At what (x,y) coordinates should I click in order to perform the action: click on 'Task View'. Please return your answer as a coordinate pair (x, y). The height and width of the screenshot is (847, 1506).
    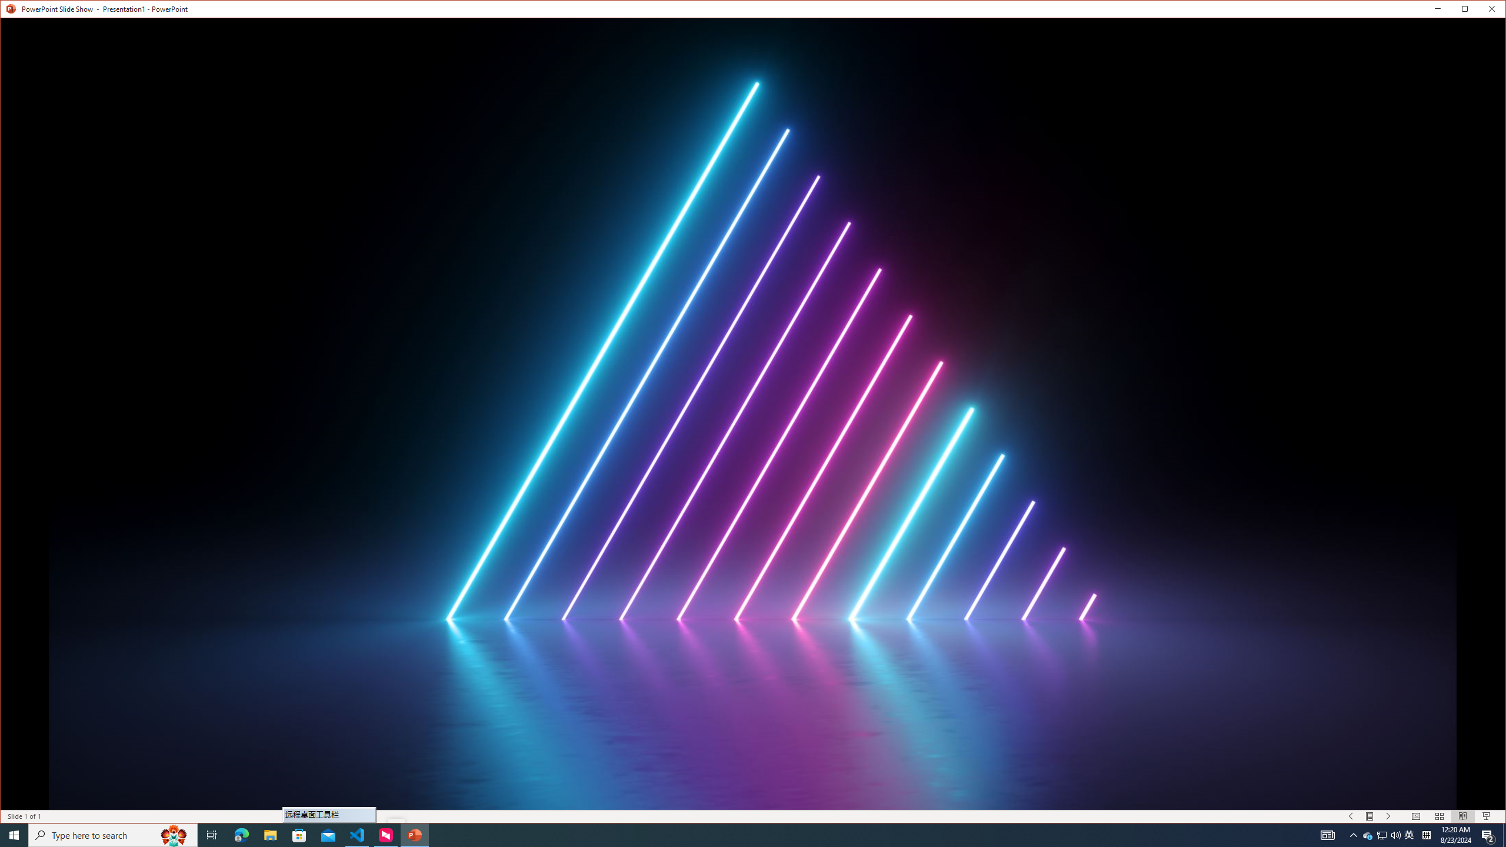
    Looking at the image, I should click on (211, 834).